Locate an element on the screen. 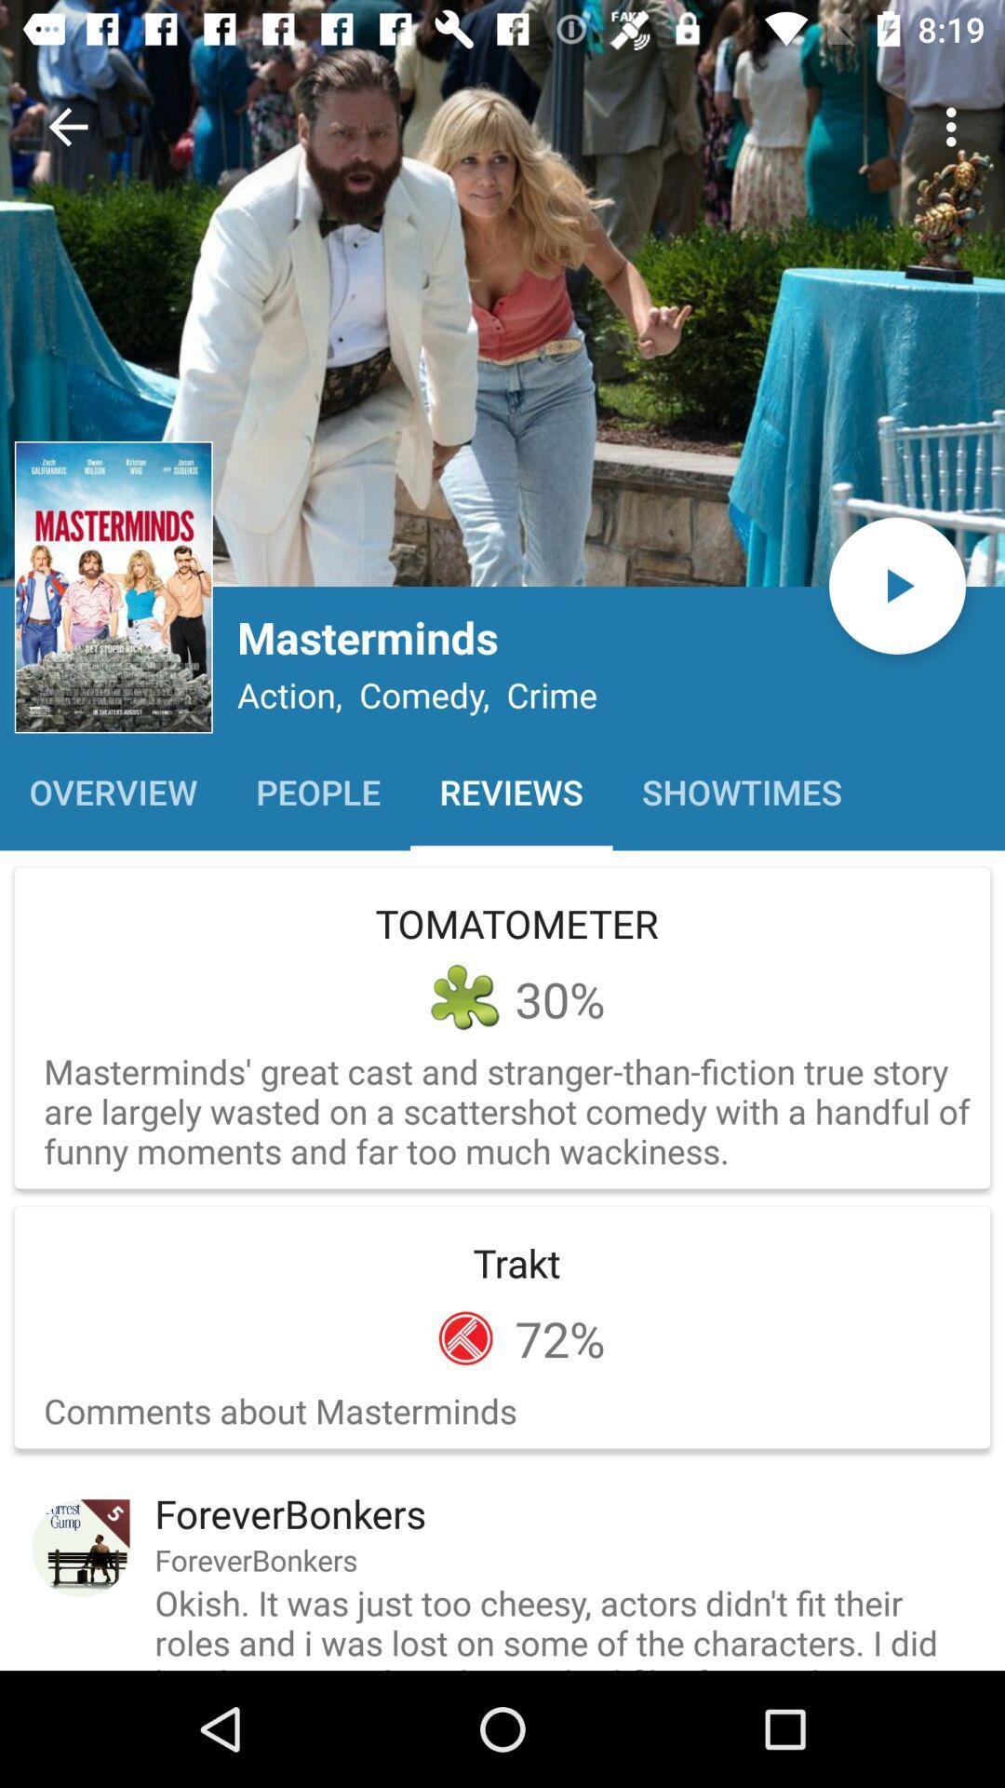  enlarge image is located at coordinates (502, 292).